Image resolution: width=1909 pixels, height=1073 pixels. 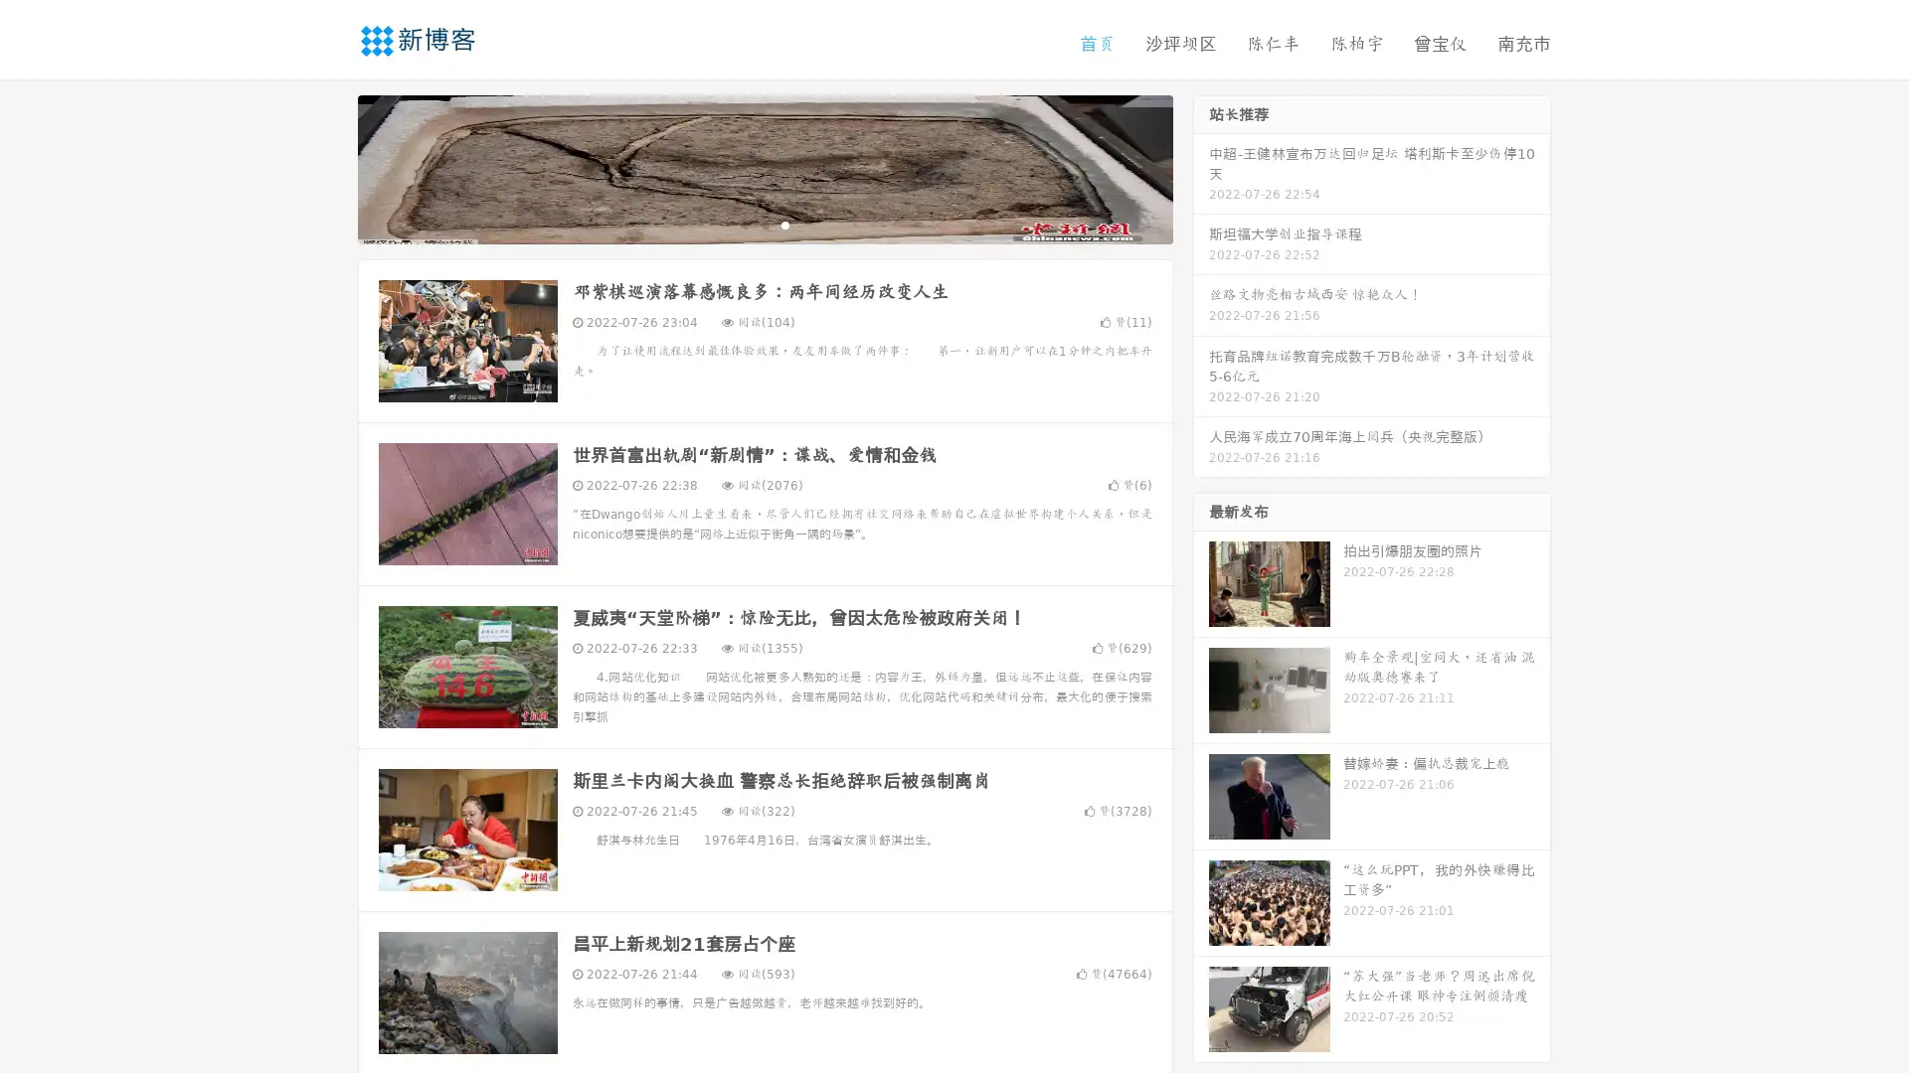 I want to click on Previous slide, so click(x=328, y=167).